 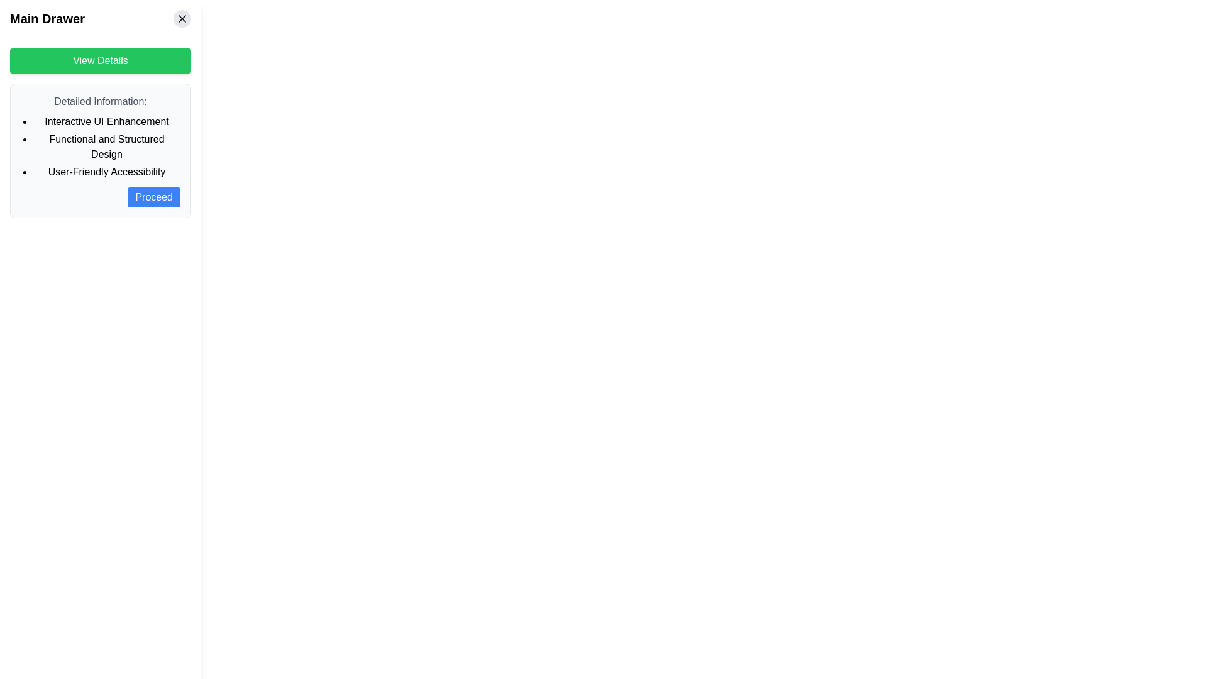 I want to click on the circular button with a gray background and a black 'X' icon, located at the top-right corner of the white header section, so click(x=181, y=19).